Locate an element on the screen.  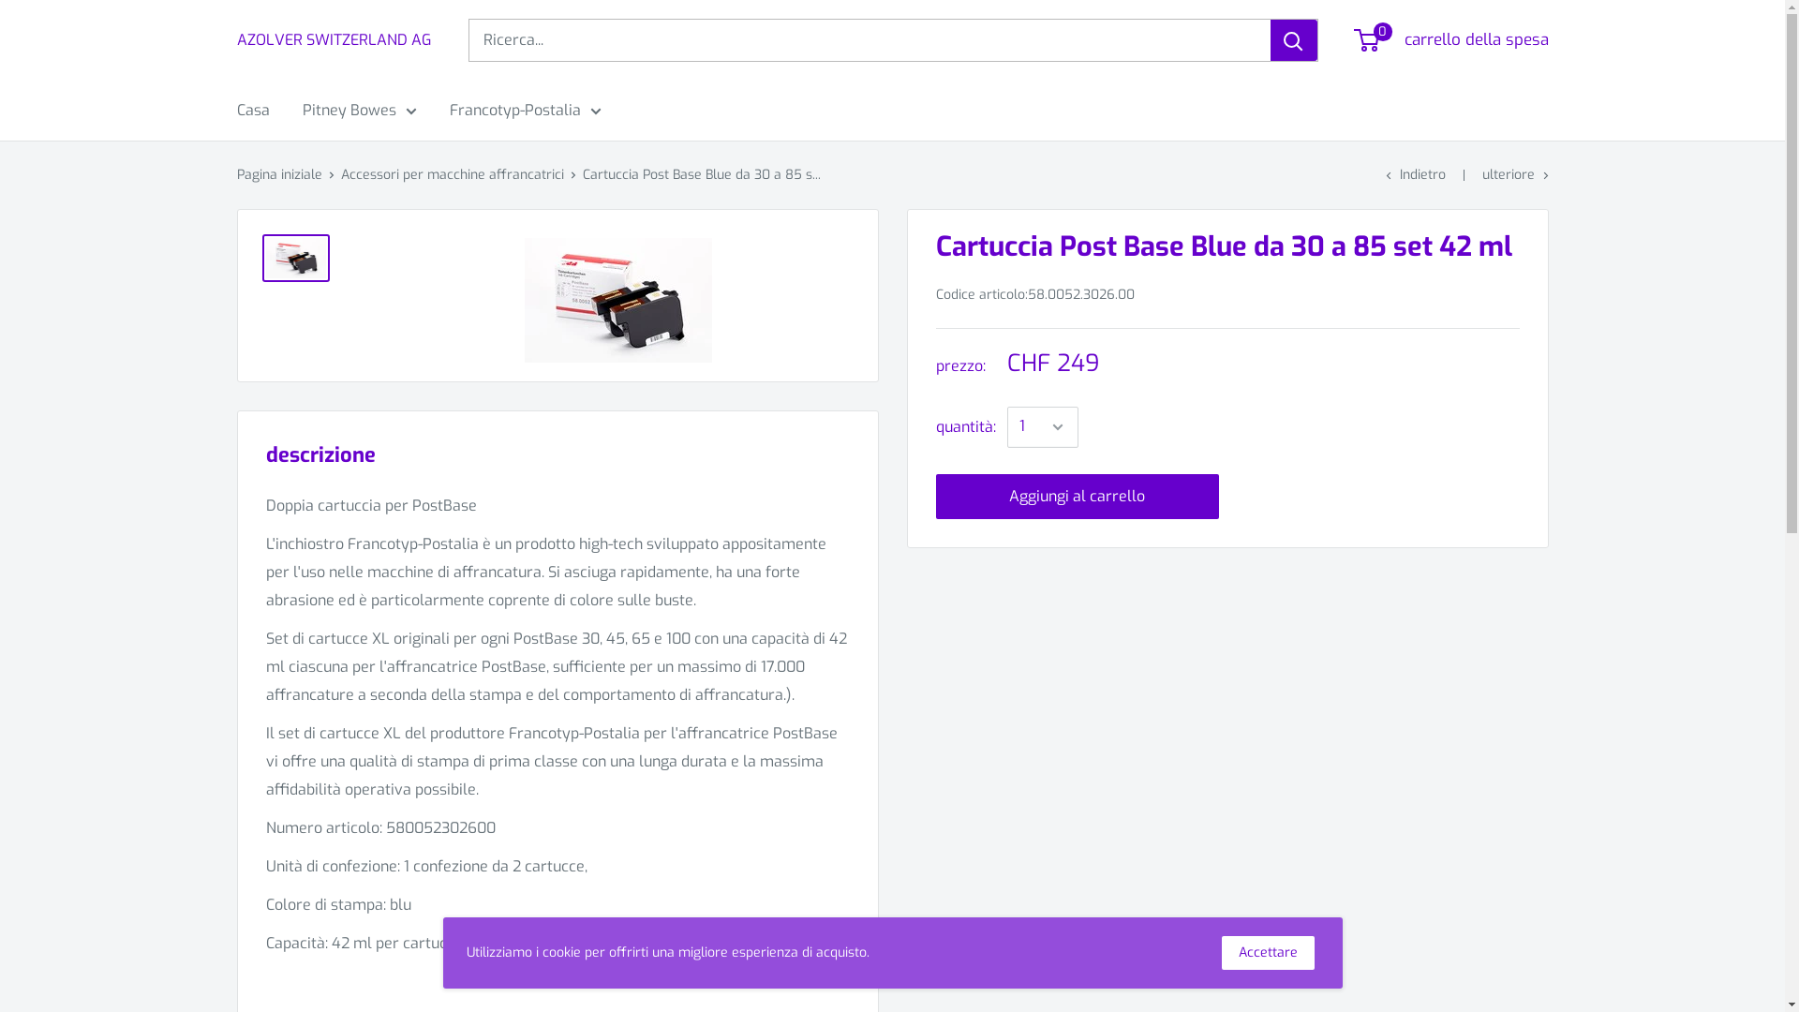
'0 is located at coordinates (1450, 39).